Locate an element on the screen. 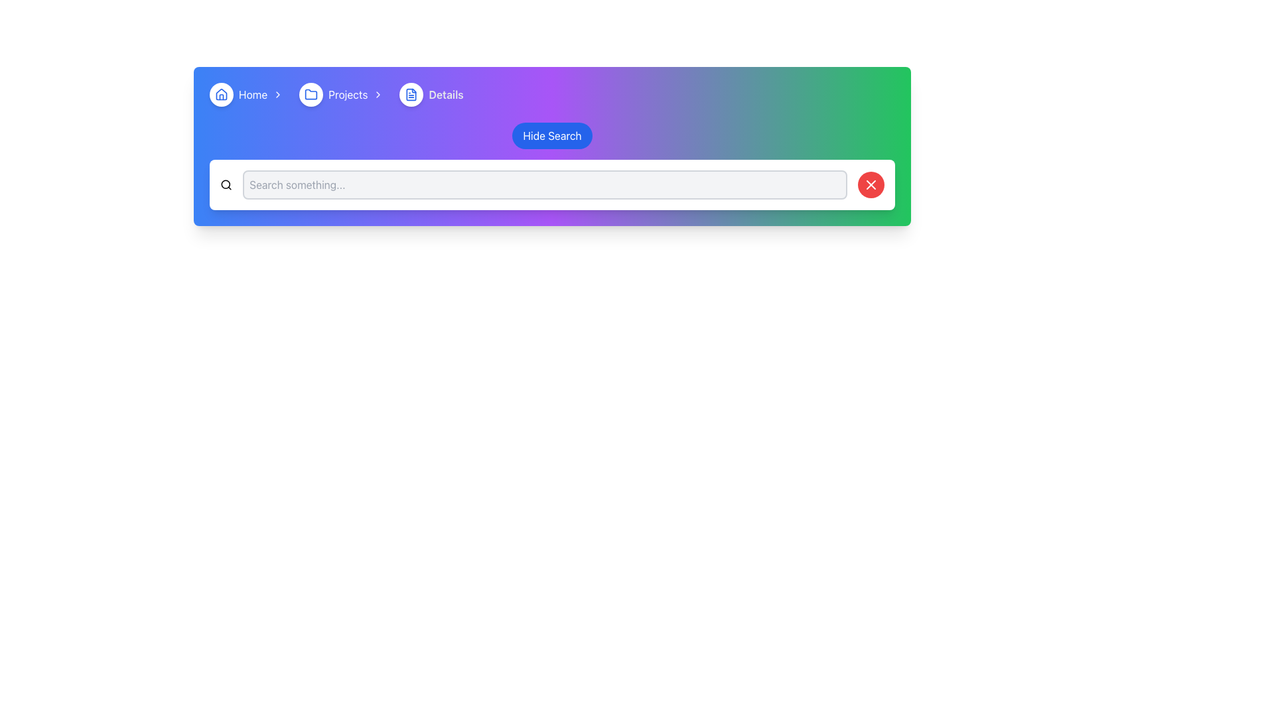 This screenshot has height=716, width=1274. the second Breadcrumb Navigation Item labeled 'Projects' is located at coordinates (344, 93).